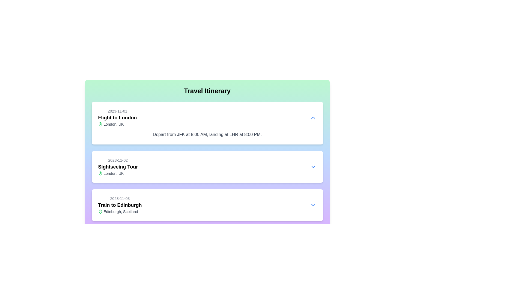  What do you see at coordinates (100, 211) in the screenshot?
I see `the SVG Icon representing location information for the itinerary entry associated with 'Edinburgh, Scotland', located to the left of the text` at bounding box center [100, 211].